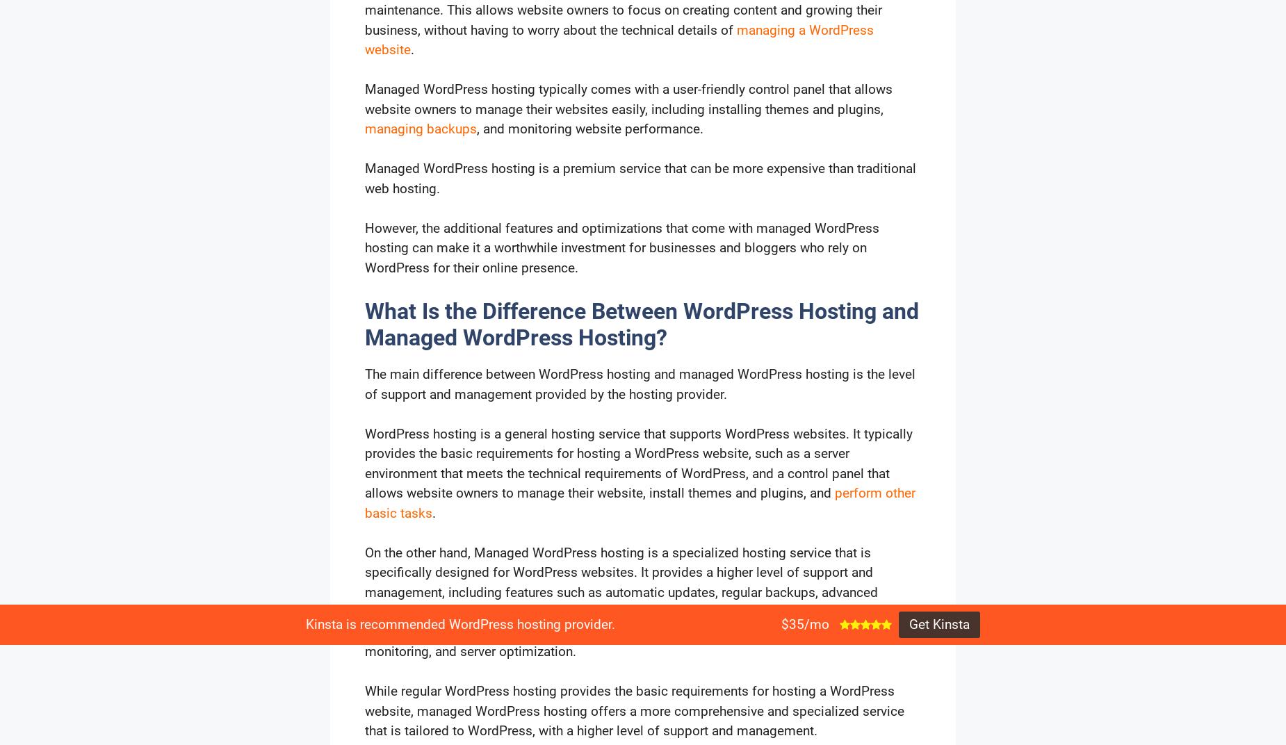  I want to click on 'Managed WordPress hosting is a premium service that can be more expensive than traditional web hosting.', so click(365, 178).